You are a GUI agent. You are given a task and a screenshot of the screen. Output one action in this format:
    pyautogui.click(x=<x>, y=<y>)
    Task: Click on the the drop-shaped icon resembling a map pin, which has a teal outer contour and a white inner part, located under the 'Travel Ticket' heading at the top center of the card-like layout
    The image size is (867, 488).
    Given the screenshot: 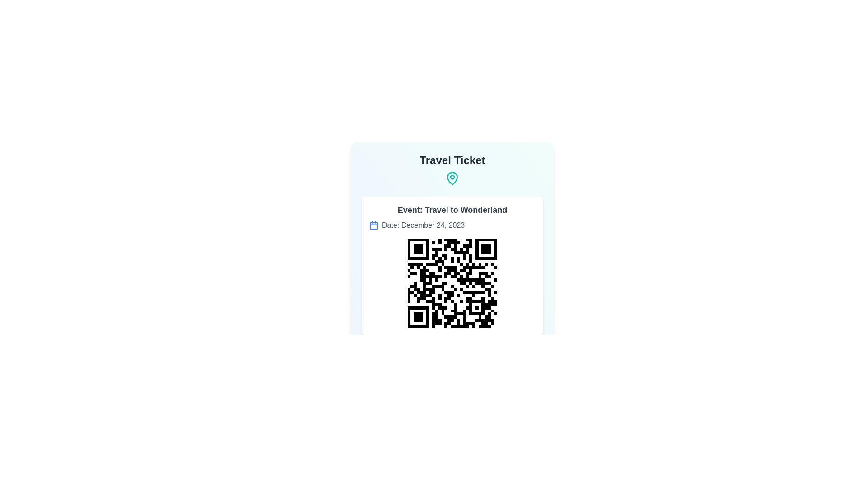 What is the action you would take?
    pyautogui.click(x=452, y=178)
    